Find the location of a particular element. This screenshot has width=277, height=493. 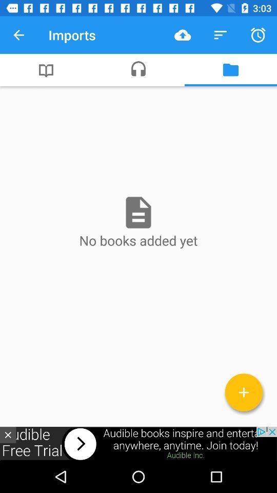

add is located at coordinates (243, 392).